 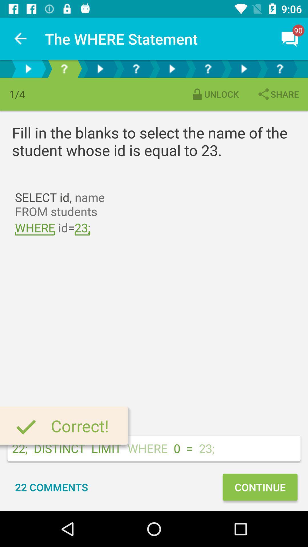 I want to click on the item next to the 22 comments item, so click(x=260, y=487).